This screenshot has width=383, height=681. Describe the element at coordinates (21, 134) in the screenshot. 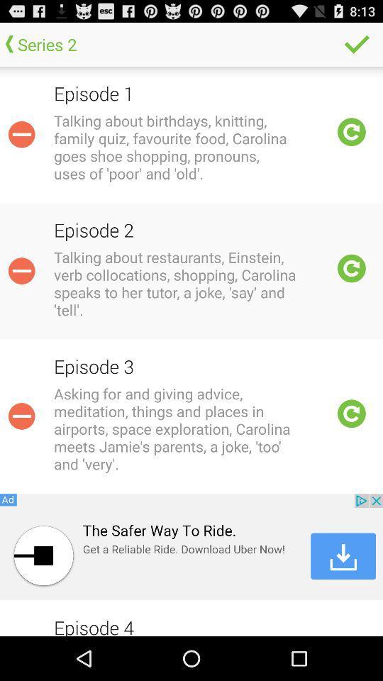

I see `remove` at that location.